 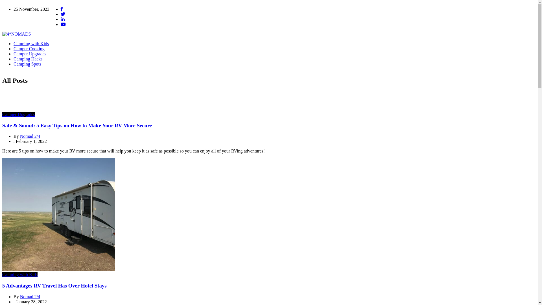 I want to click on '5 Advantages RV Travel Has Over Hotel Stays', so click(x=54, y=286).